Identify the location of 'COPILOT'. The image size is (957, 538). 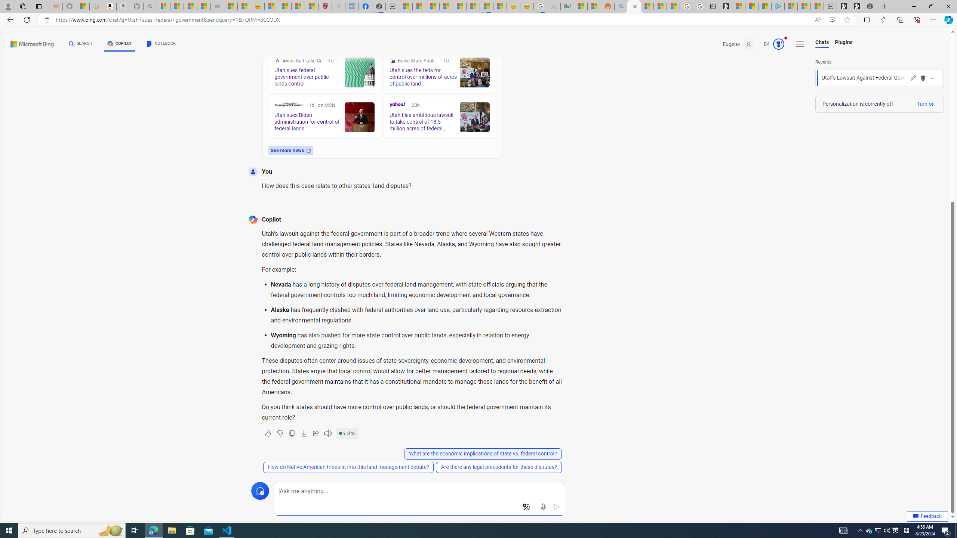
(119, 43).